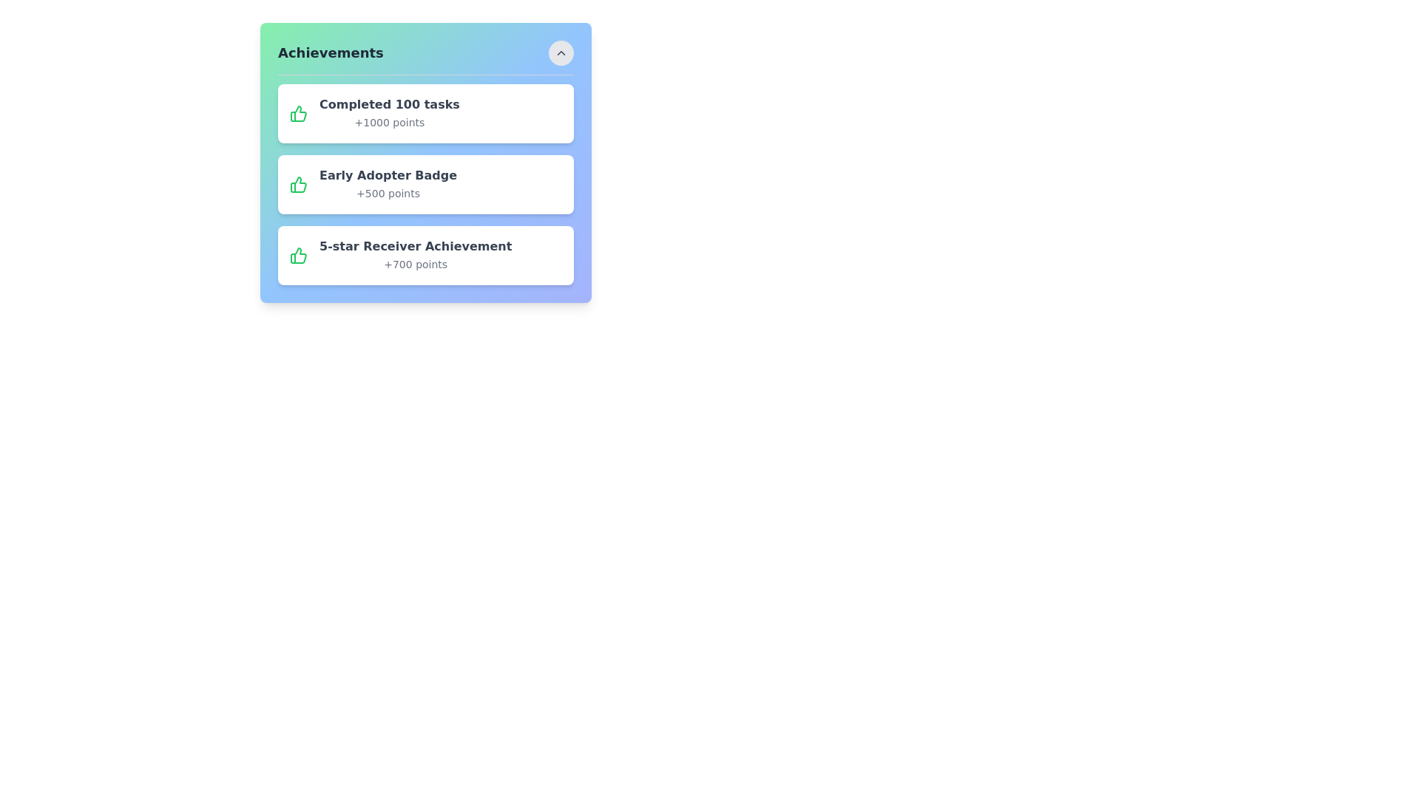 This screenshot has width=1420, height=798. What do you see at coordinates (330, 52) in the screenshot?
I see `the 'Achievements' header text, which is styled in bold and large dark gray font against a light and colorful gradient background` at bounding box center [330, 52].